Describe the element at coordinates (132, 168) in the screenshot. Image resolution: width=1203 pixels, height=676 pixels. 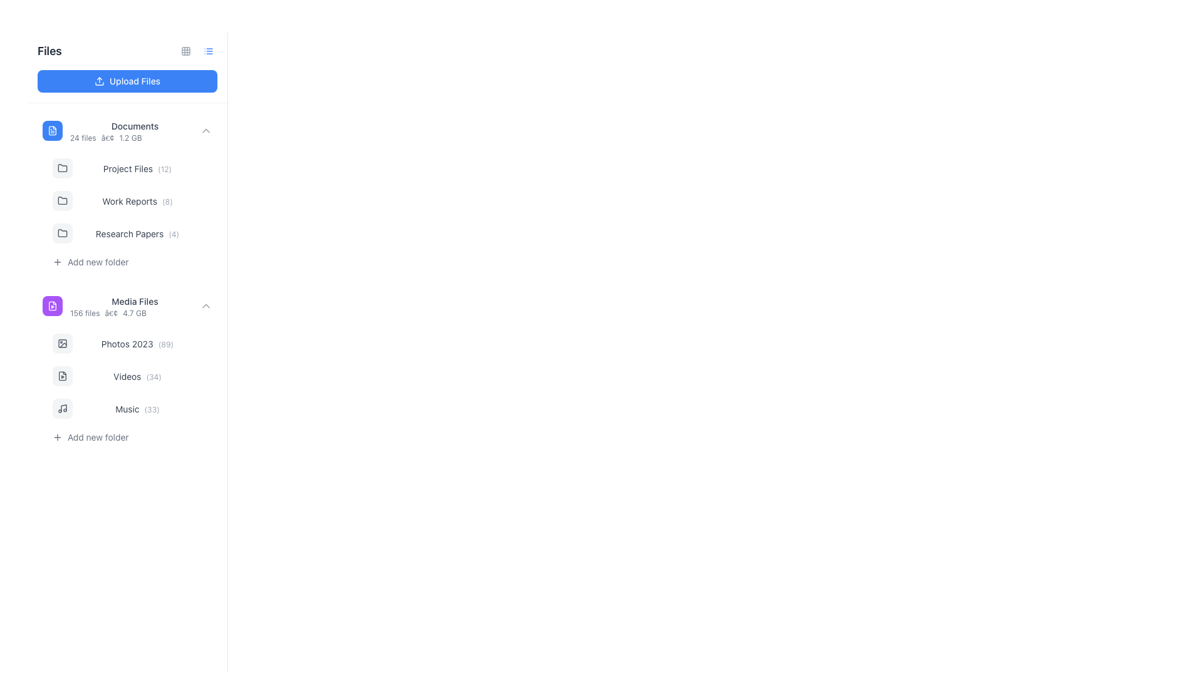
I see `the 'Project Files' folder in the navigation list` at that location.